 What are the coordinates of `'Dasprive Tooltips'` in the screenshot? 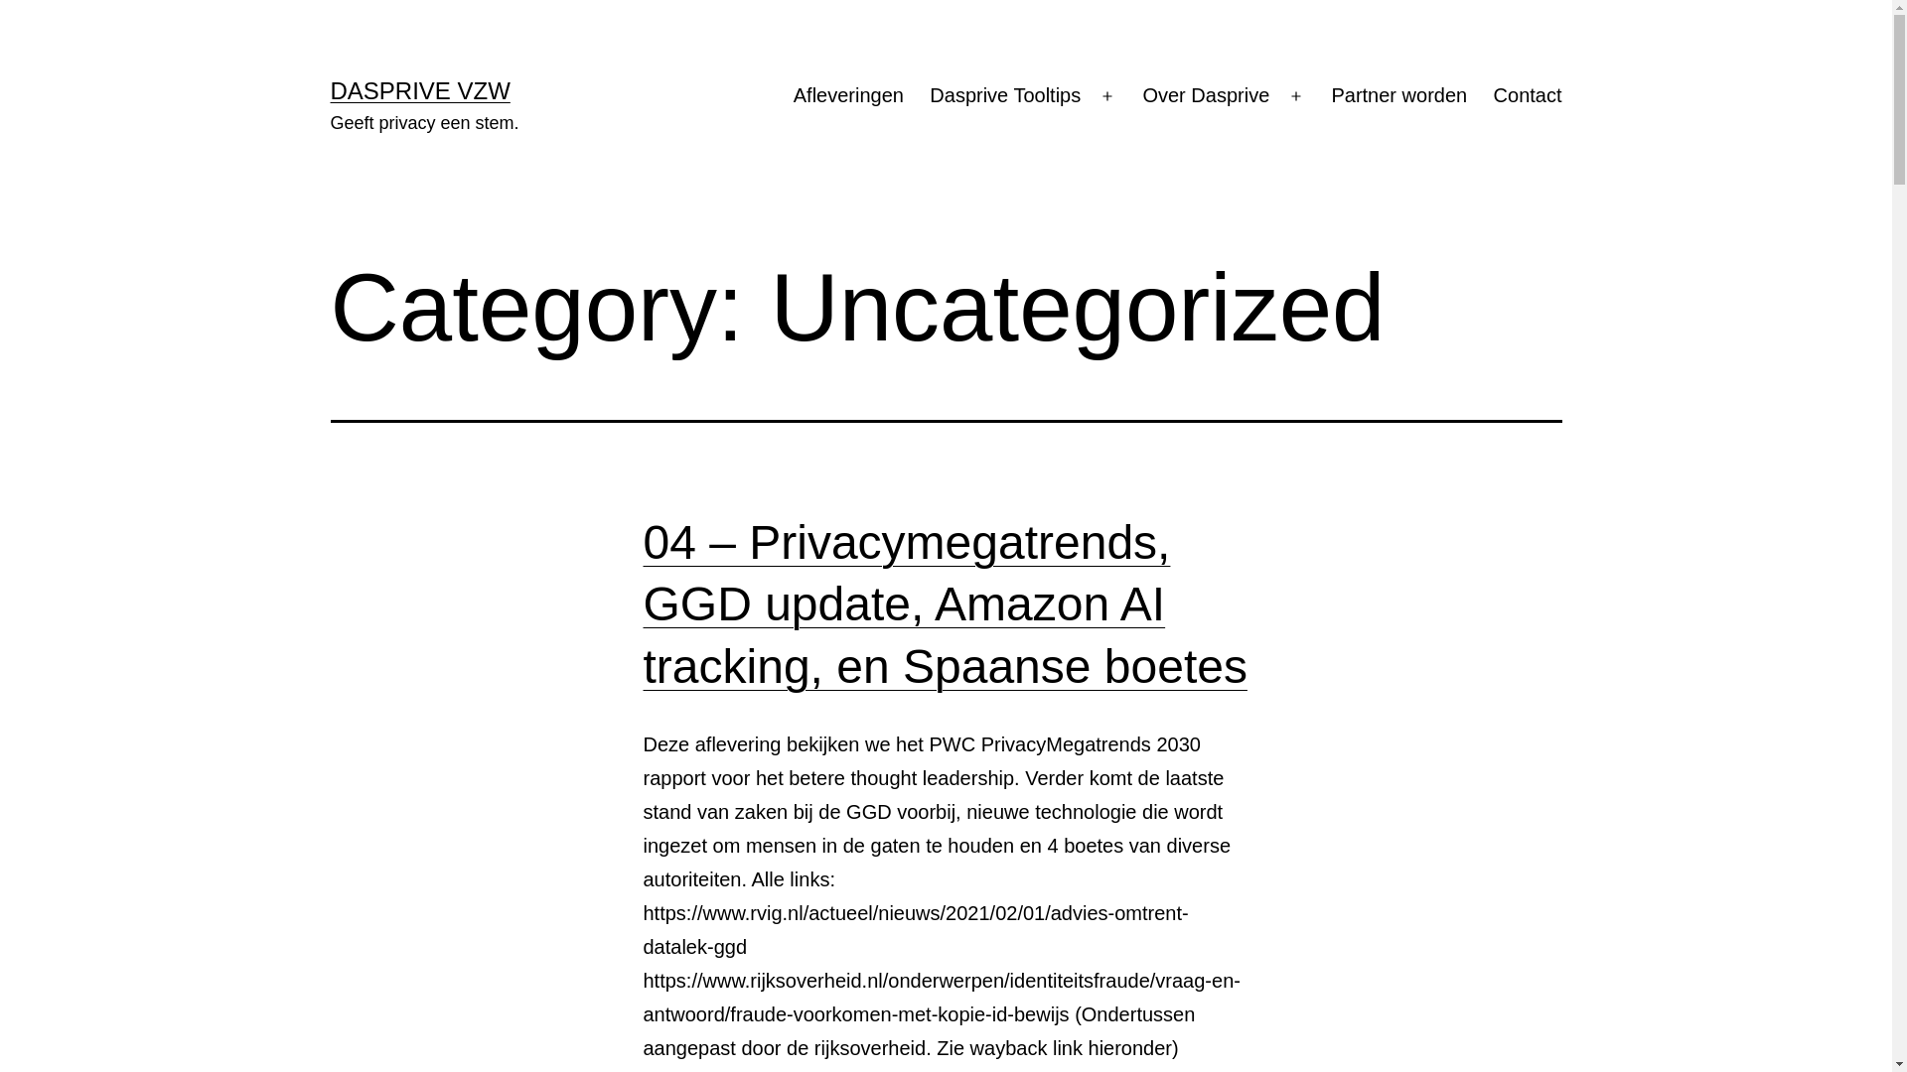 It's located at (915, 95).